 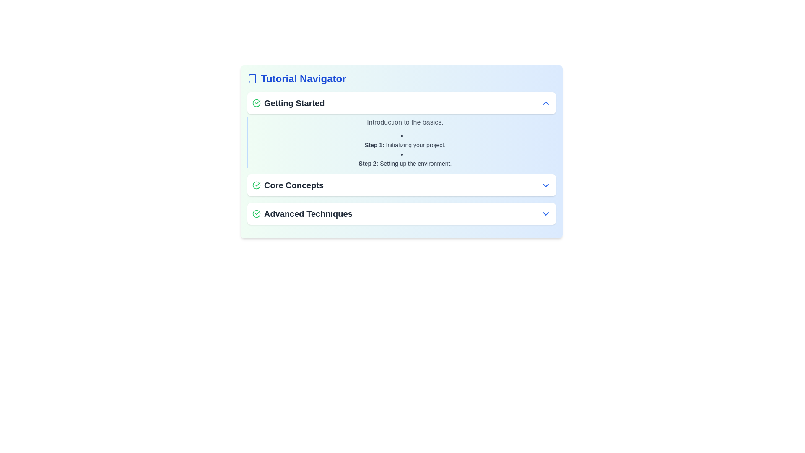 I want to click on the book icon located in the top-left corner of the 'Tutorial Navigator' panel to associate it with the Tutorial Navigator section, so click(x=252, y=79).